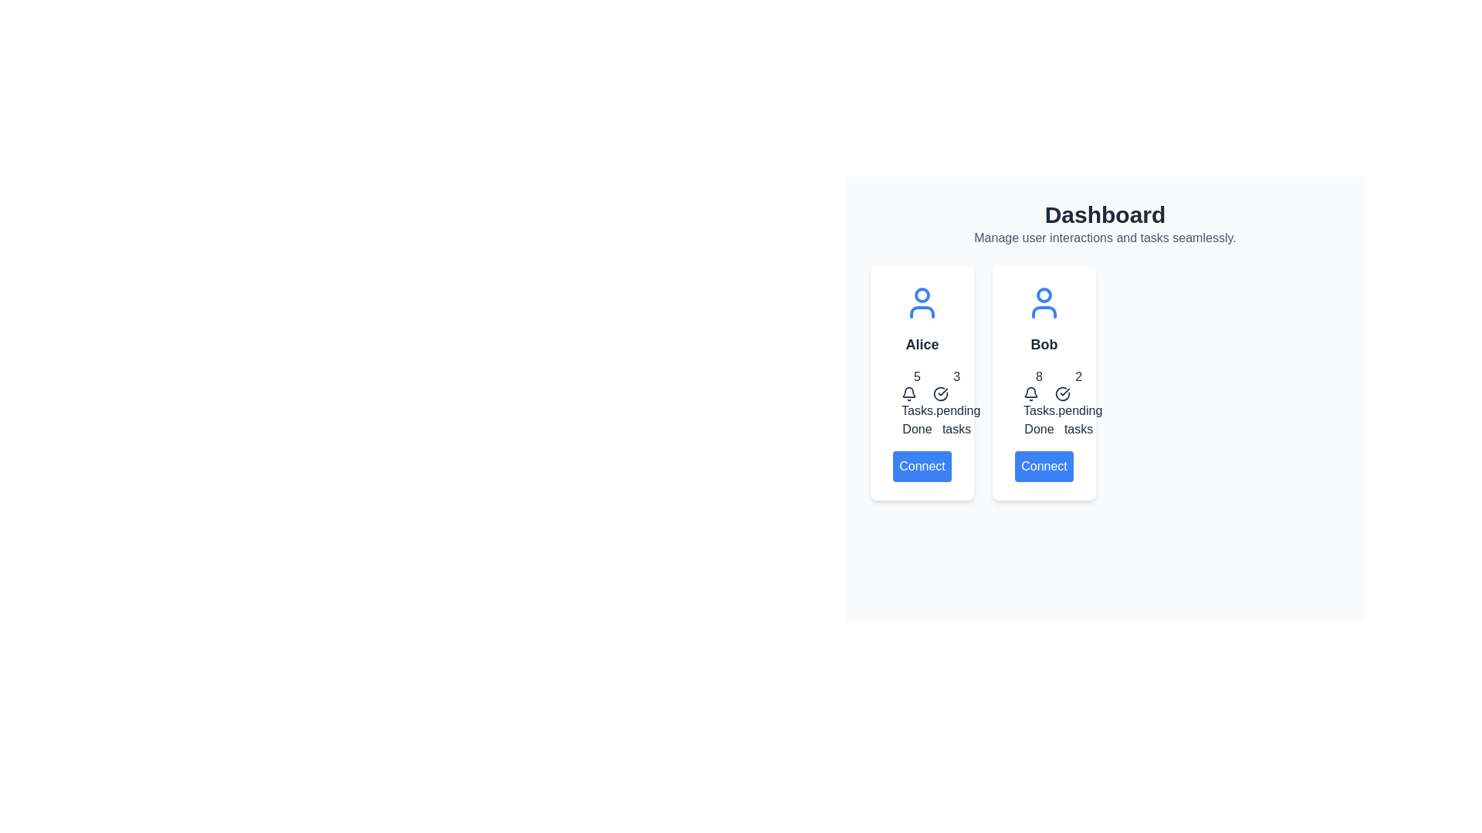  Describe the element at coordinates (1078, 377) in the screenshot. I see `value displayed in the task completion count text element, which is located to the right of the numeric display '8' associated with user 'Bob' in the user overview section` at that location.